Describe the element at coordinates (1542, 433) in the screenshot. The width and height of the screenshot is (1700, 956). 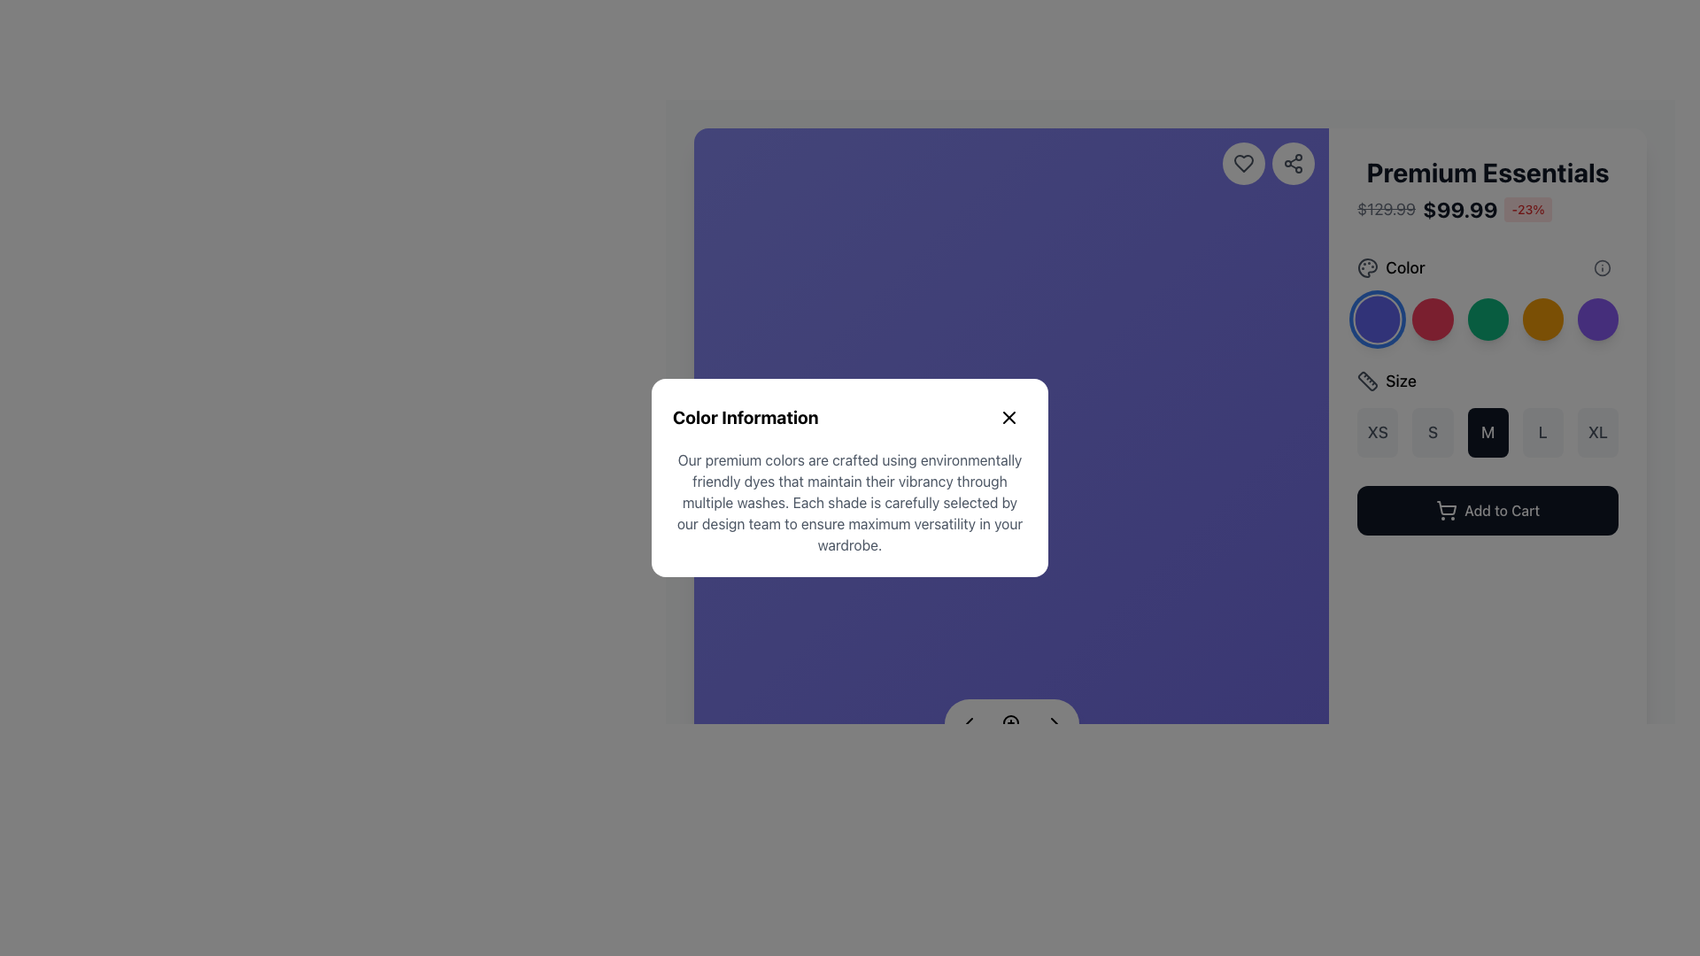
I see `the button displaying 'L' in bold font, located between the 'M' and 'XL' buttons in the size selection area` at that location.